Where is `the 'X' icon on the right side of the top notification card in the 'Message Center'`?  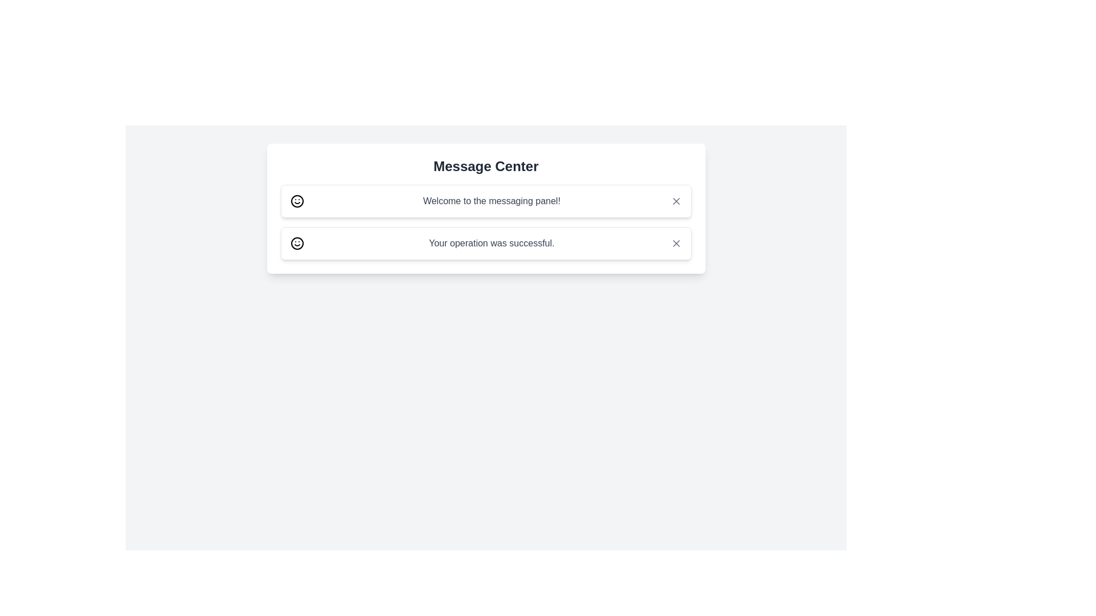 the 'X' icon on the right side of the top notification card in the 'Message Center' is located at coordinates (676, 201).